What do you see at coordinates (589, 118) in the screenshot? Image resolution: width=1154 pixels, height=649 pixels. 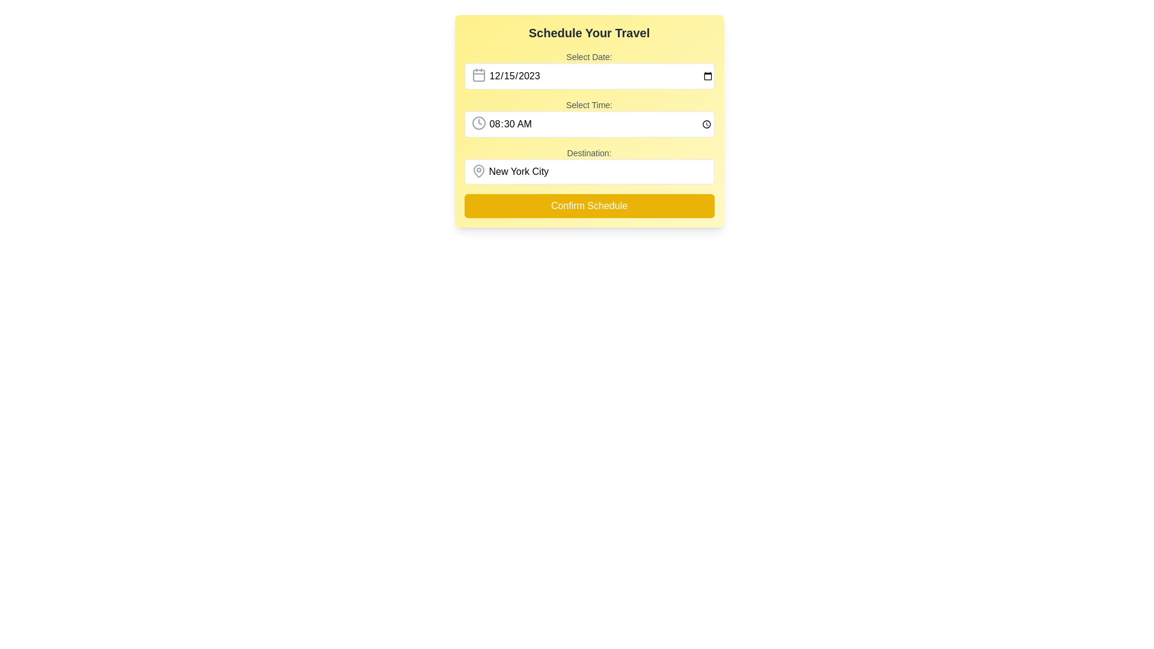 I see `the Time selection input field located below the 'Select Date:' section, allowing the user to edit the time value` at bounding box center [589, 118].